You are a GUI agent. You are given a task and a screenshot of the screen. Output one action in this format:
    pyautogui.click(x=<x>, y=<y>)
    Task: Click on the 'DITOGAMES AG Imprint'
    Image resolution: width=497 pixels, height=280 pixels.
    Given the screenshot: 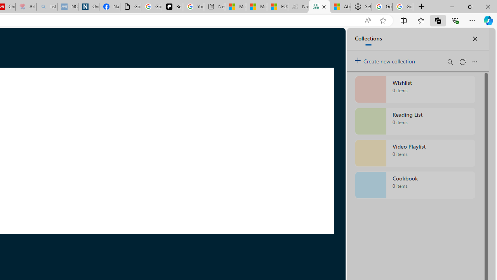 What is the action you would take?
    pyautogui.click(x=319, y=7)
    